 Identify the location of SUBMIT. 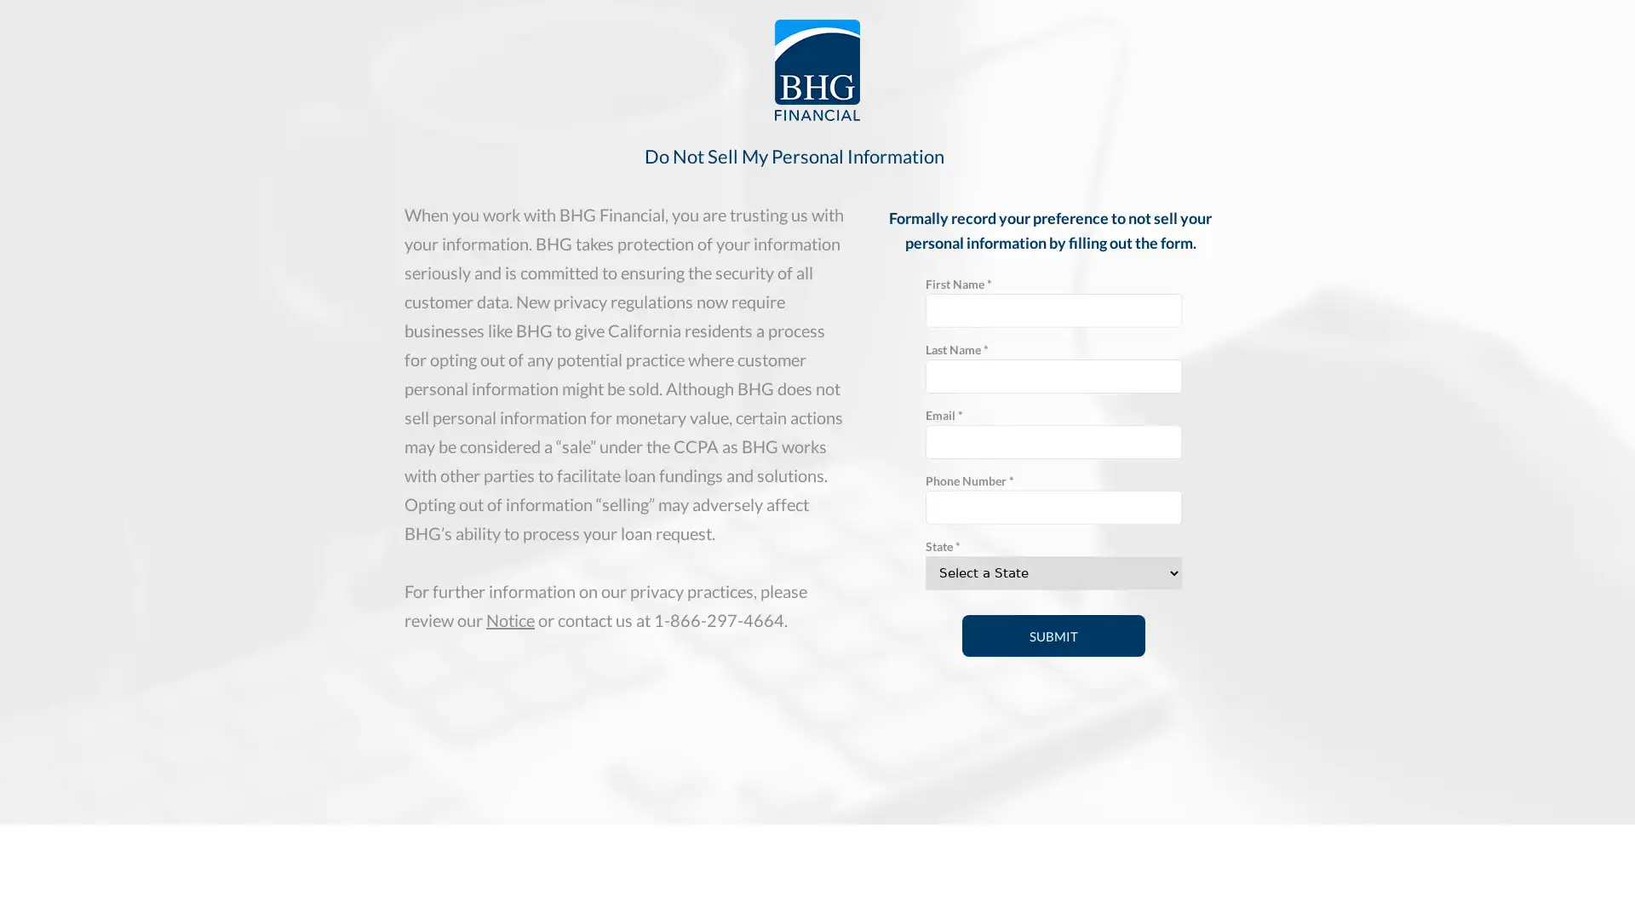
(1053, 635).